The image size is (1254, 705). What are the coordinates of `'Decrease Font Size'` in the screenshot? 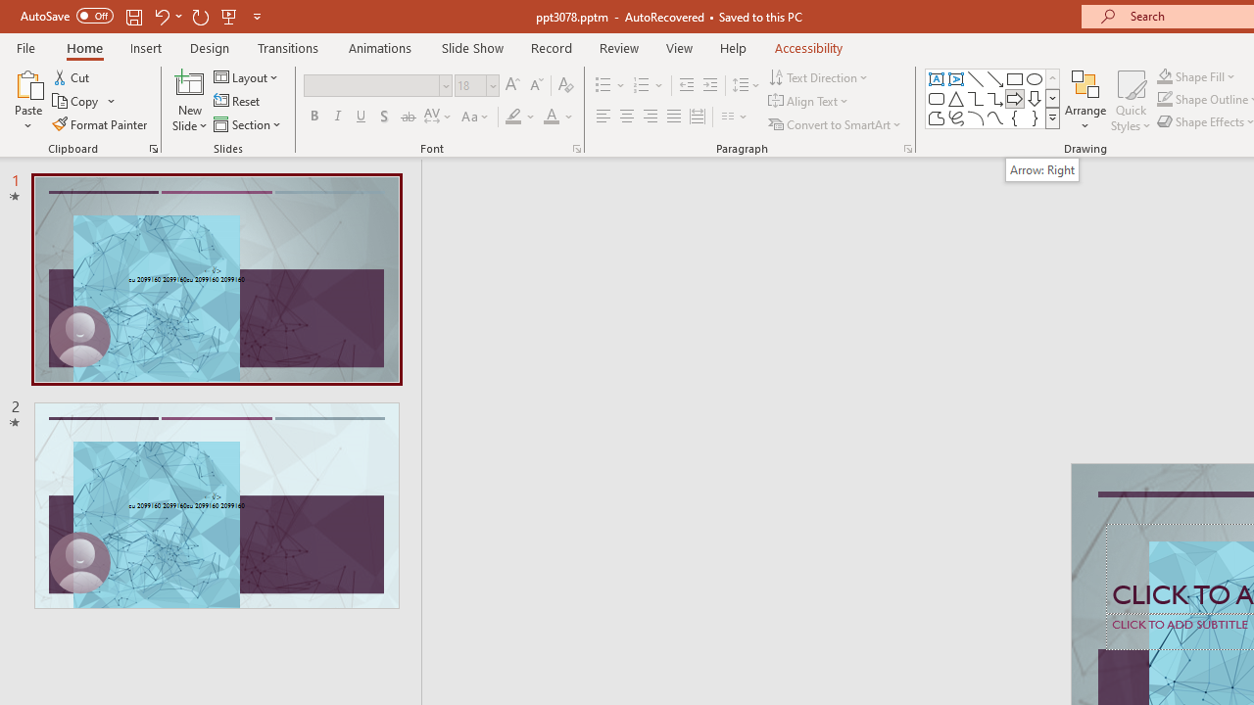 It's located at (536, 84).